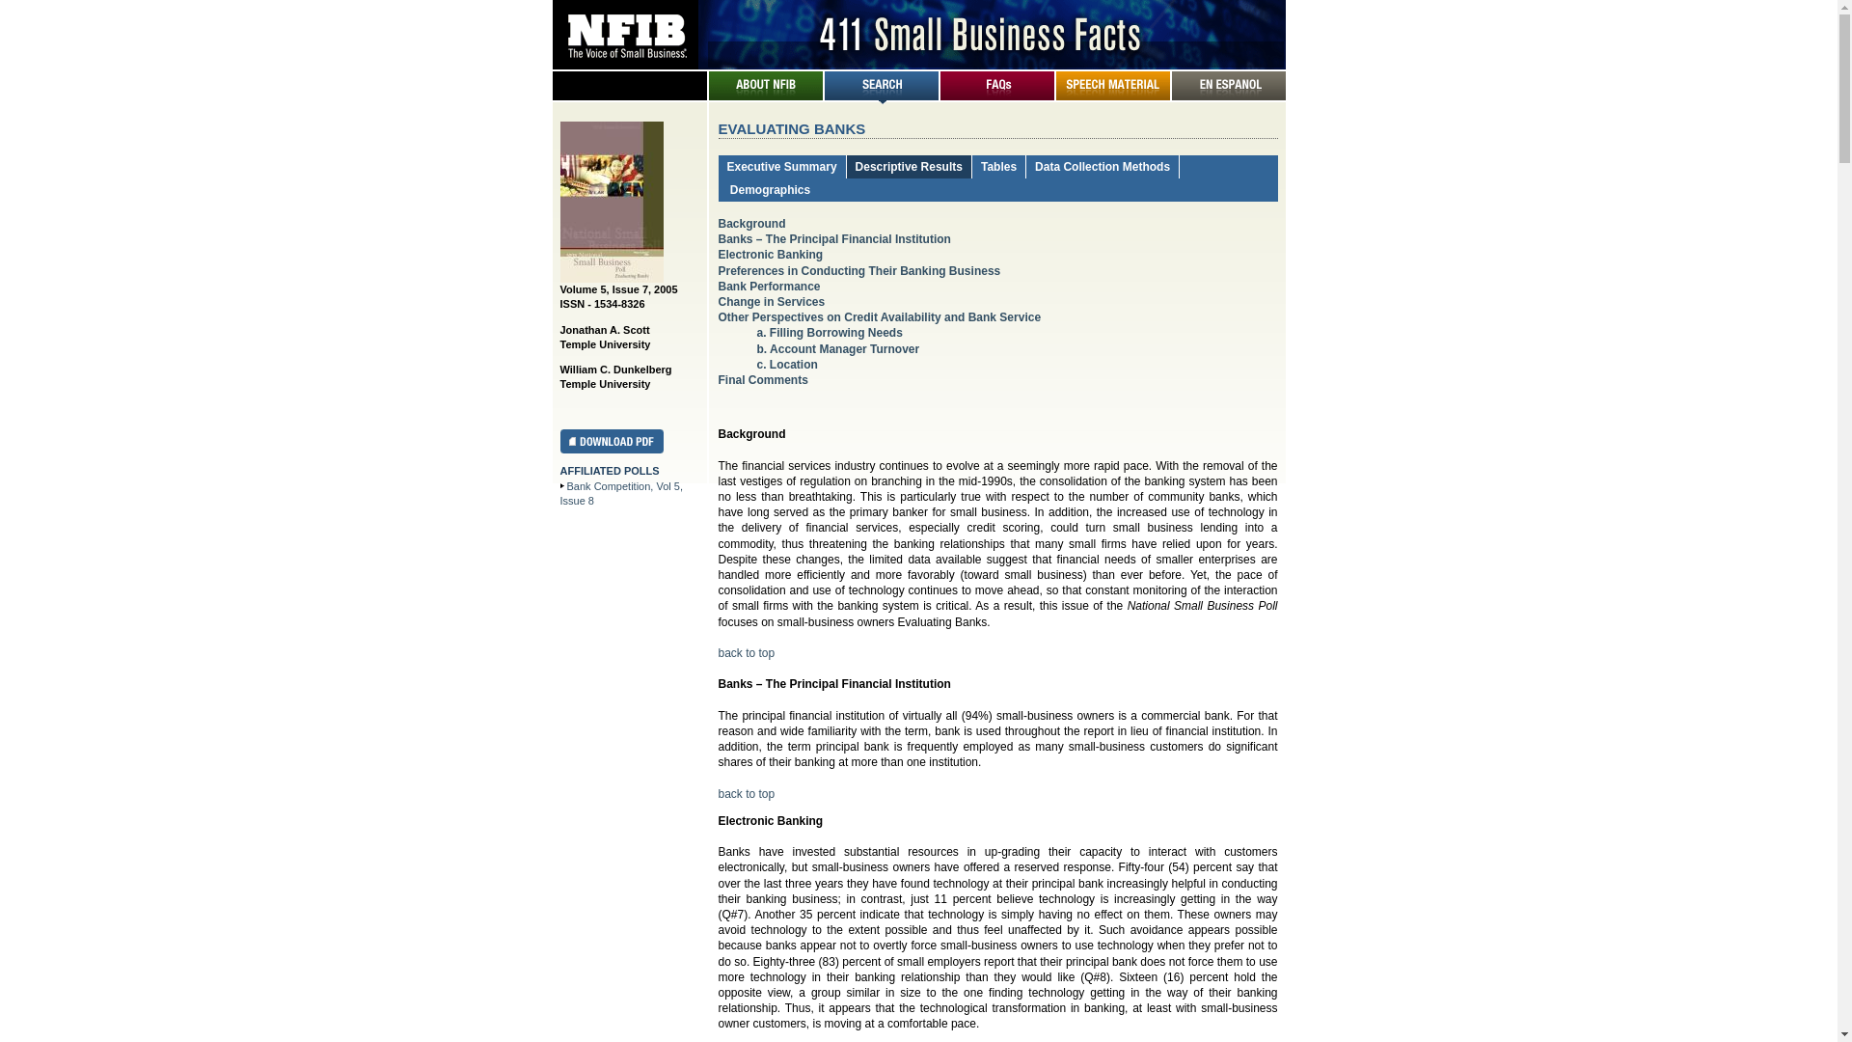 Image resolution: width=1852 pixels, height=1042 pixels. I want to click on 'Search', so click(879, 96).